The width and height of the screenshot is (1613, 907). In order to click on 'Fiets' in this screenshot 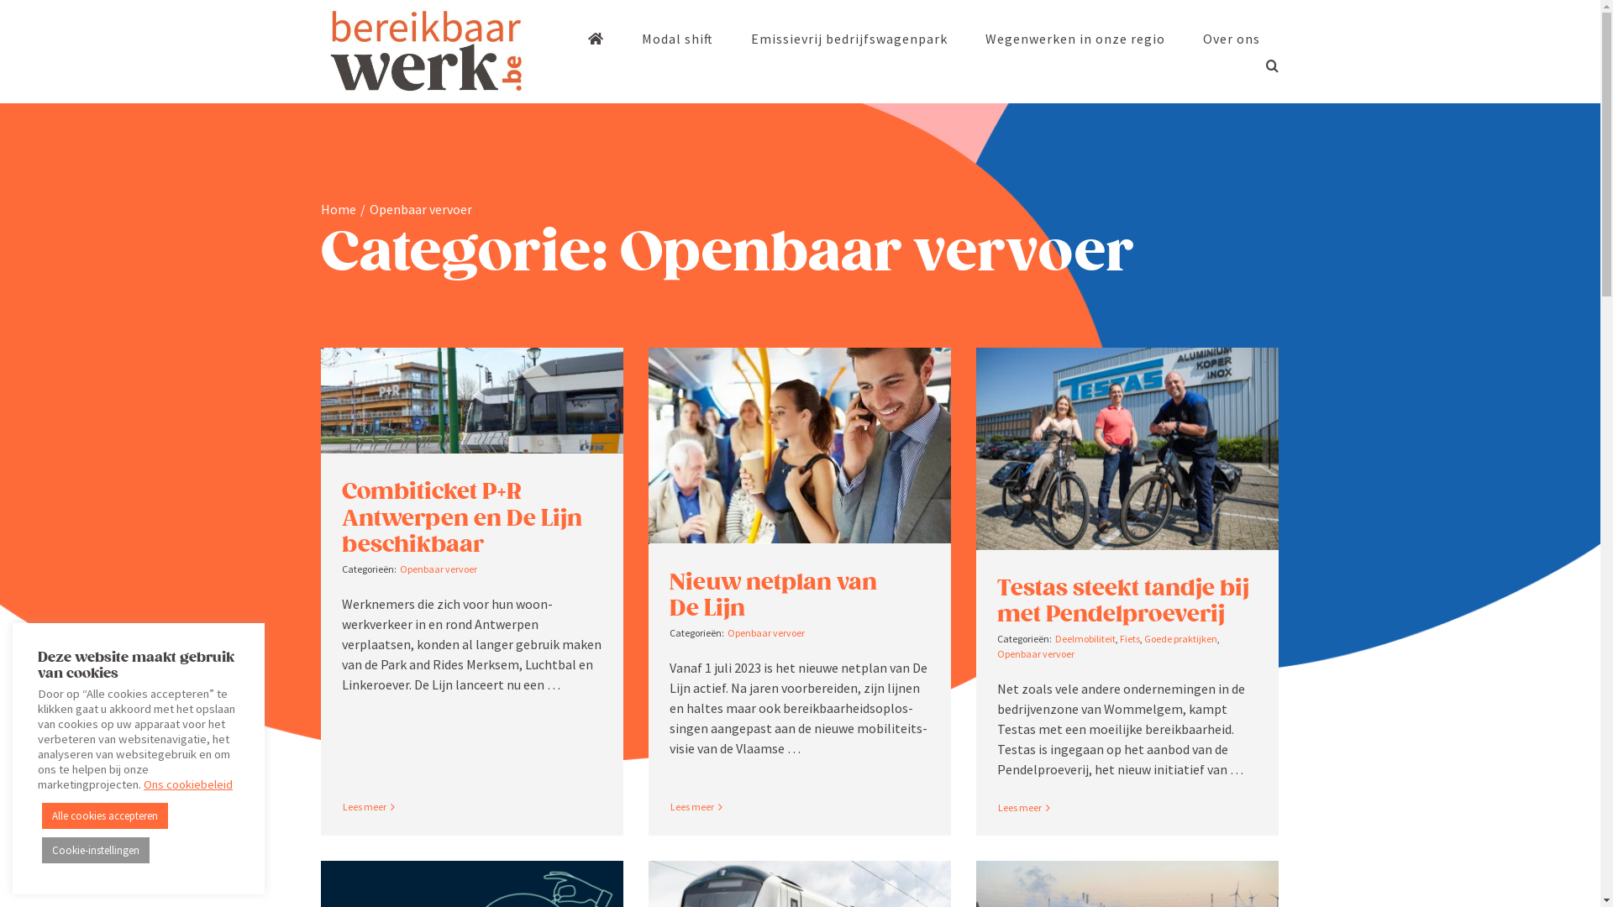, I will do `click(1129, 638)`.